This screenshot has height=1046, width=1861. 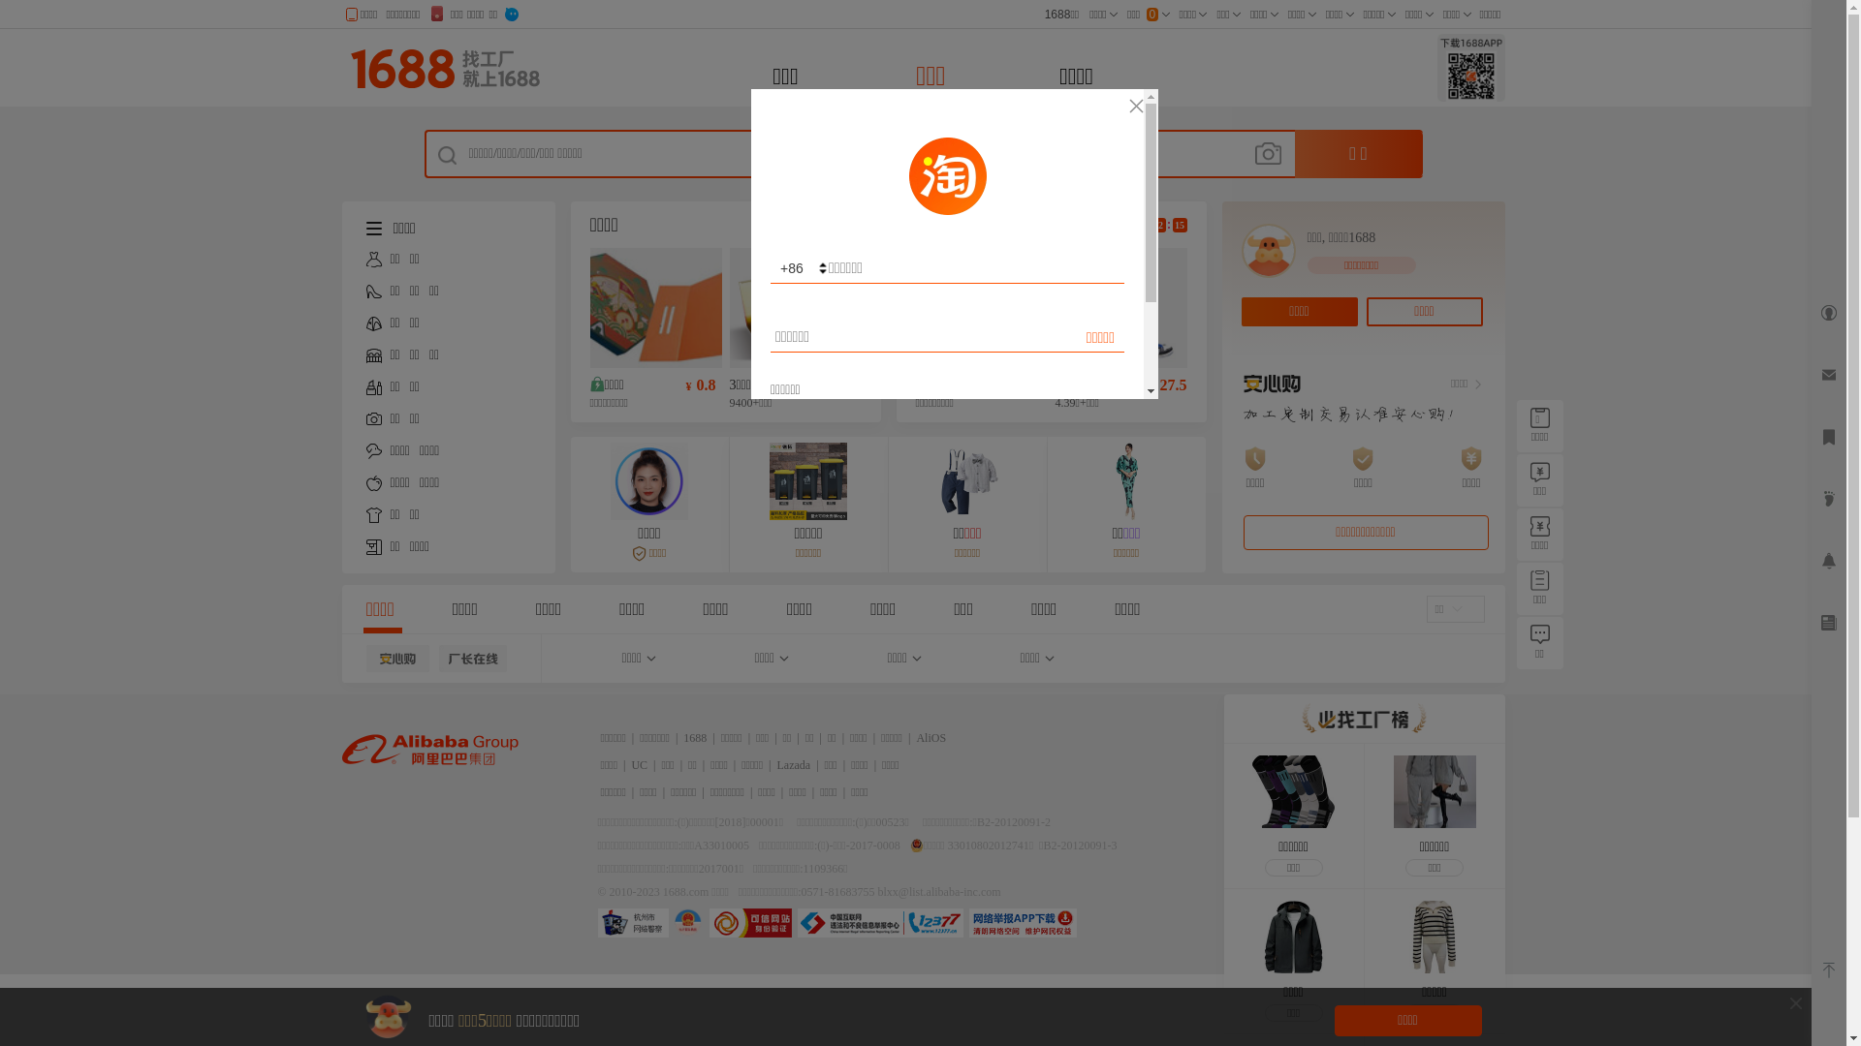 What do you see at coordinates (930, 738) in the screenshot?
I see `'AliOS'` at bounding box center [930, 738].